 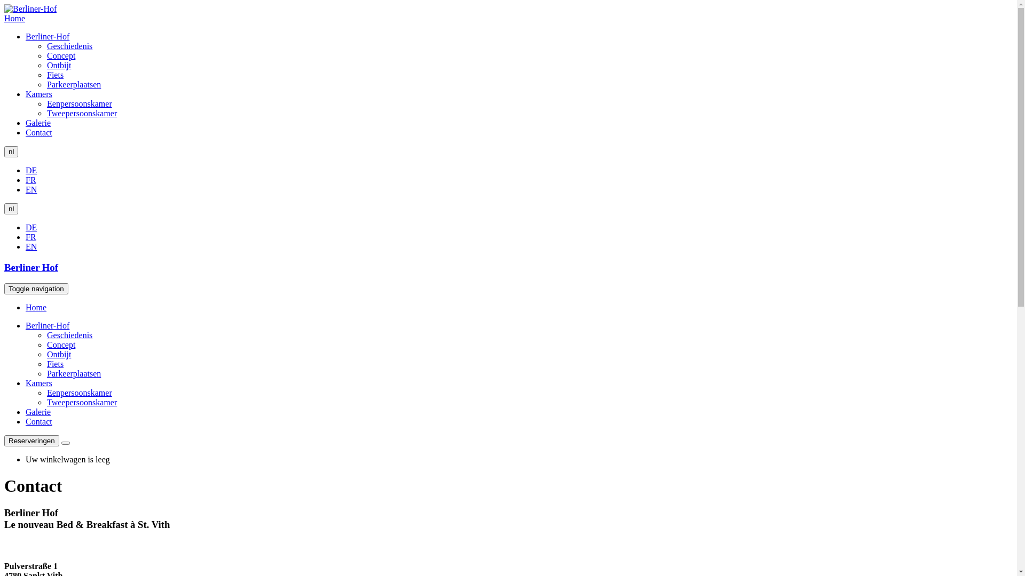 I want to click on 'Berliner-Hof', so click(x=47, y=325).